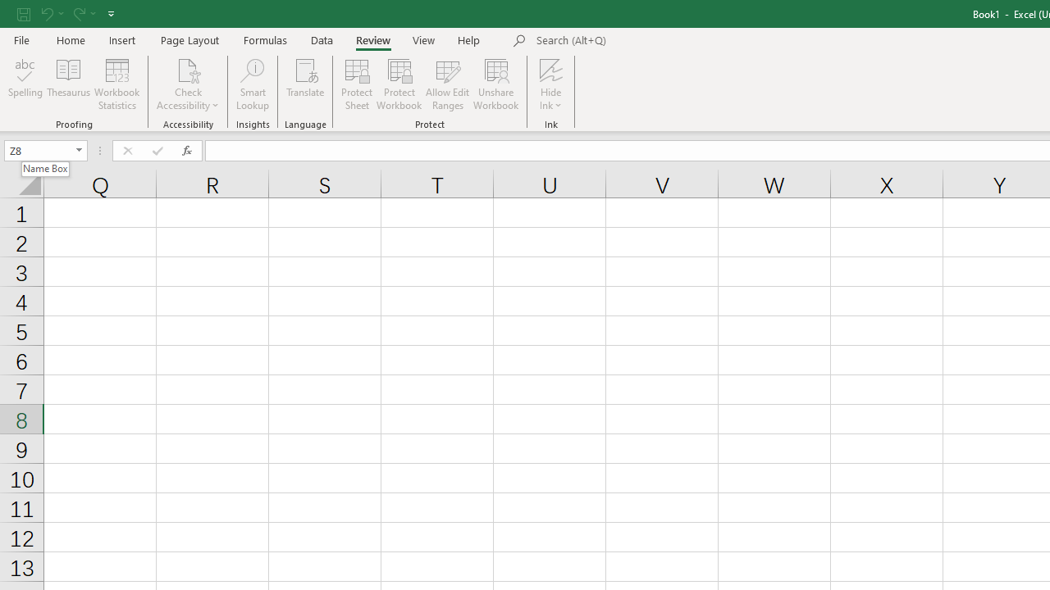 Image resolution: width=1050 pixels, height=590 pixels. I want to click on 'Thesaurus...', so click(67, 84).